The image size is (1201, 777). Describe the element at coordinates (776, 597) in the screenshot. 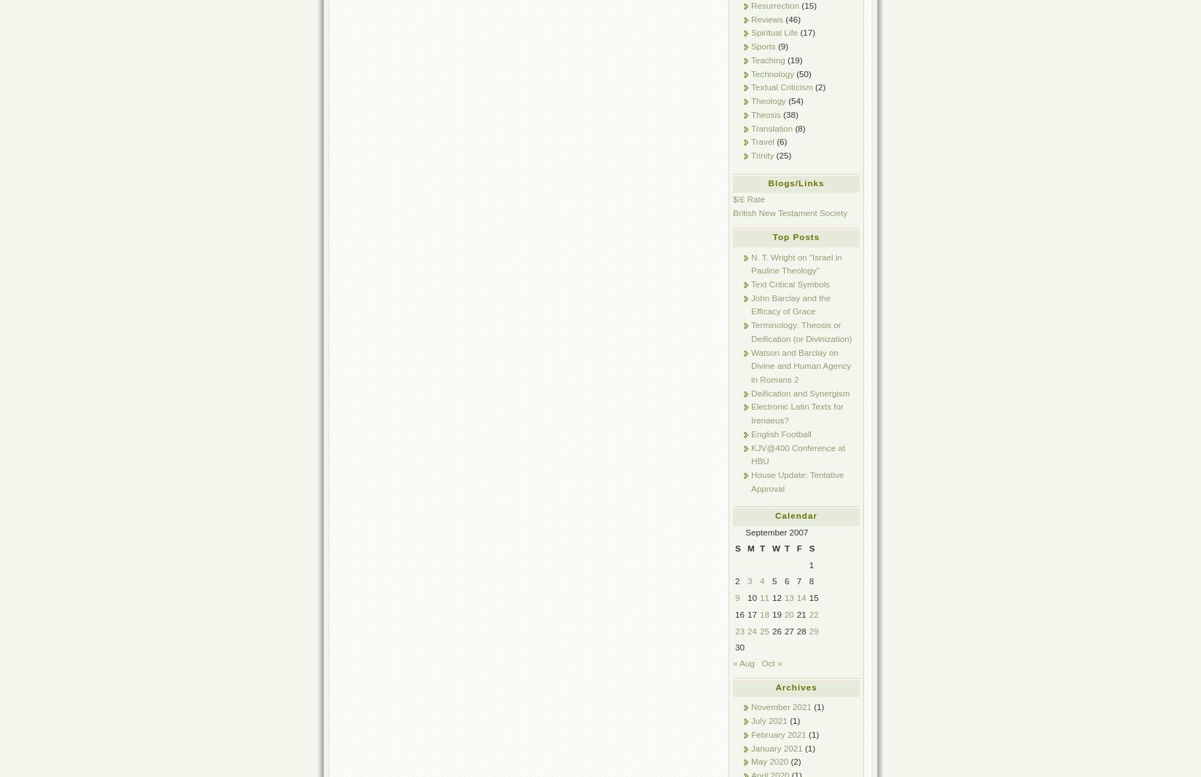

I see `'12'` at that location.